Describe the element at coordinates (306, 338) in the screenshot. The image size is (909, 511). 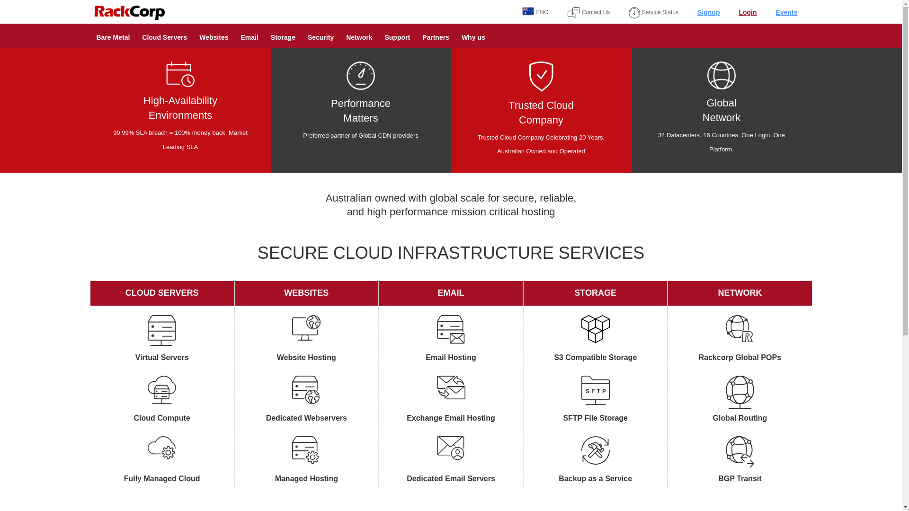
I see `'Website Hosting'` at that location.